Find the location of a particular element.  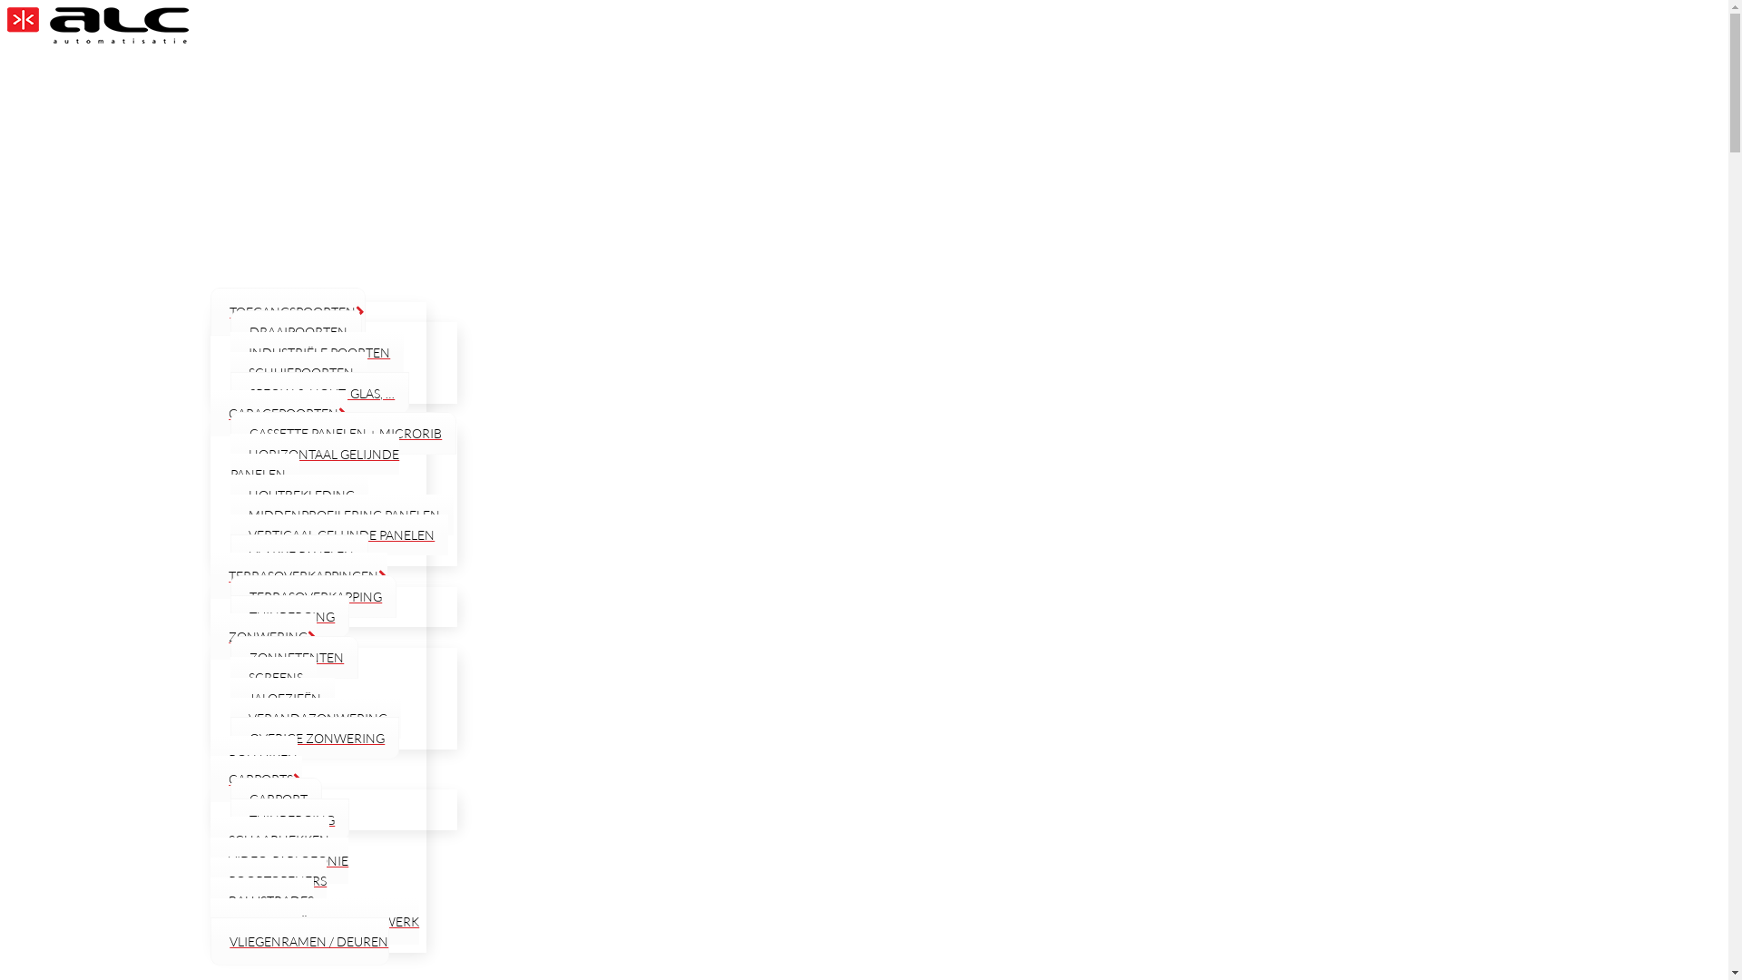

'VERANDAZONWERING' is located at coordinates (315, 717).